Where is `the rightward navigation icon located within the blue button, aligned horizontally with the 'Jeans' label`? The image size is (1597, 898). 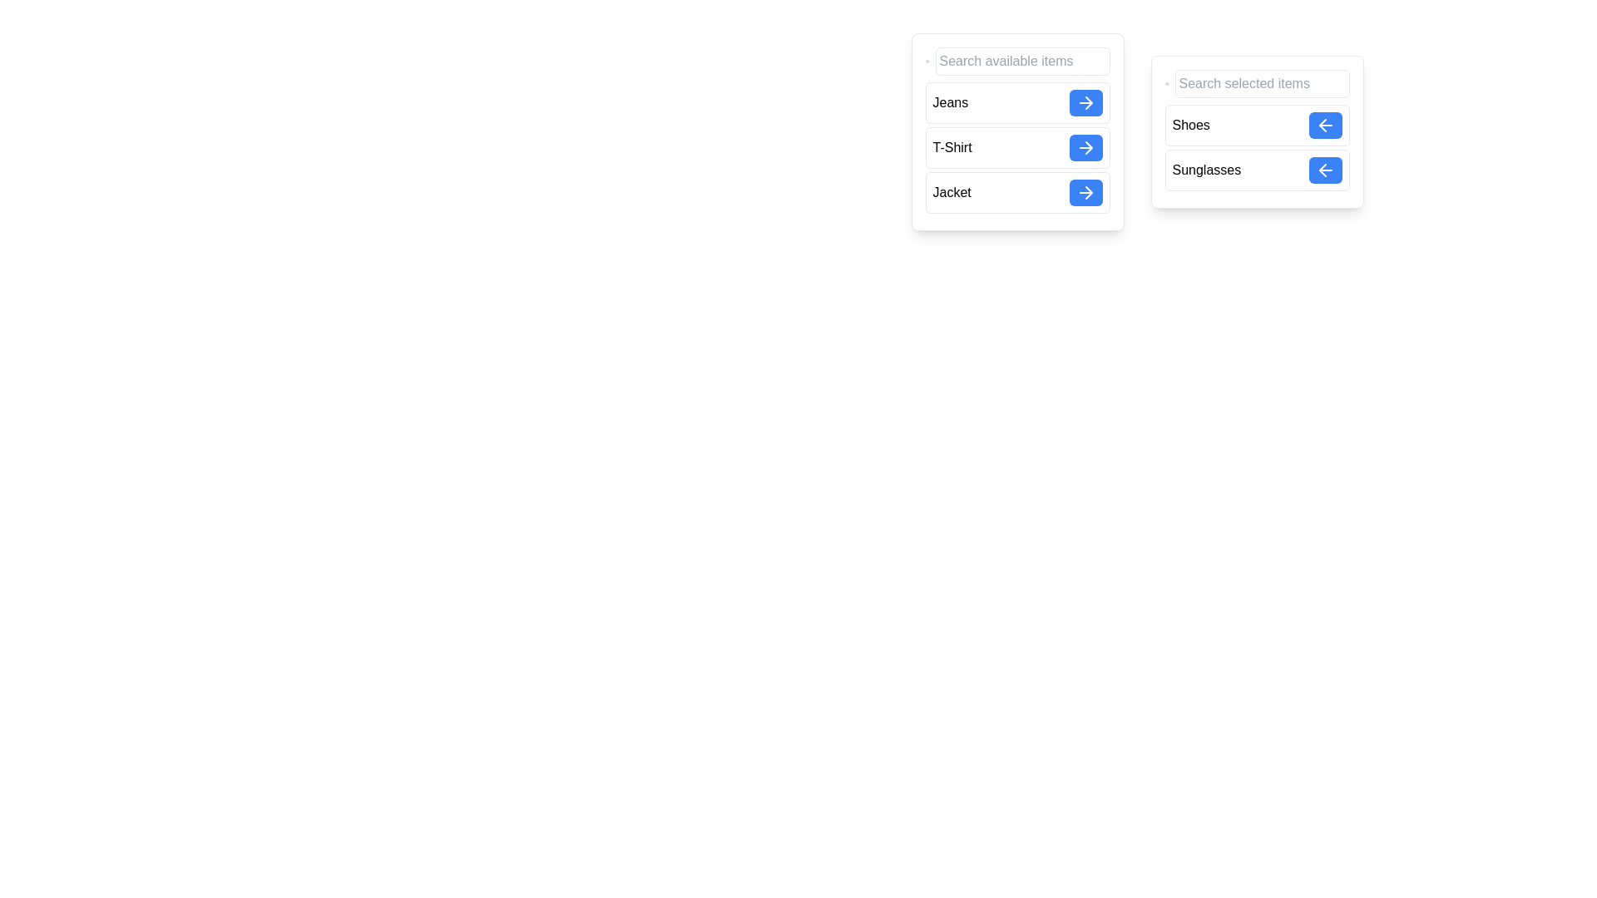
the rightward navigation icon located within the blue button, aligned horizontally with the 'Jeans' label is located at coordinates (1089, 102).